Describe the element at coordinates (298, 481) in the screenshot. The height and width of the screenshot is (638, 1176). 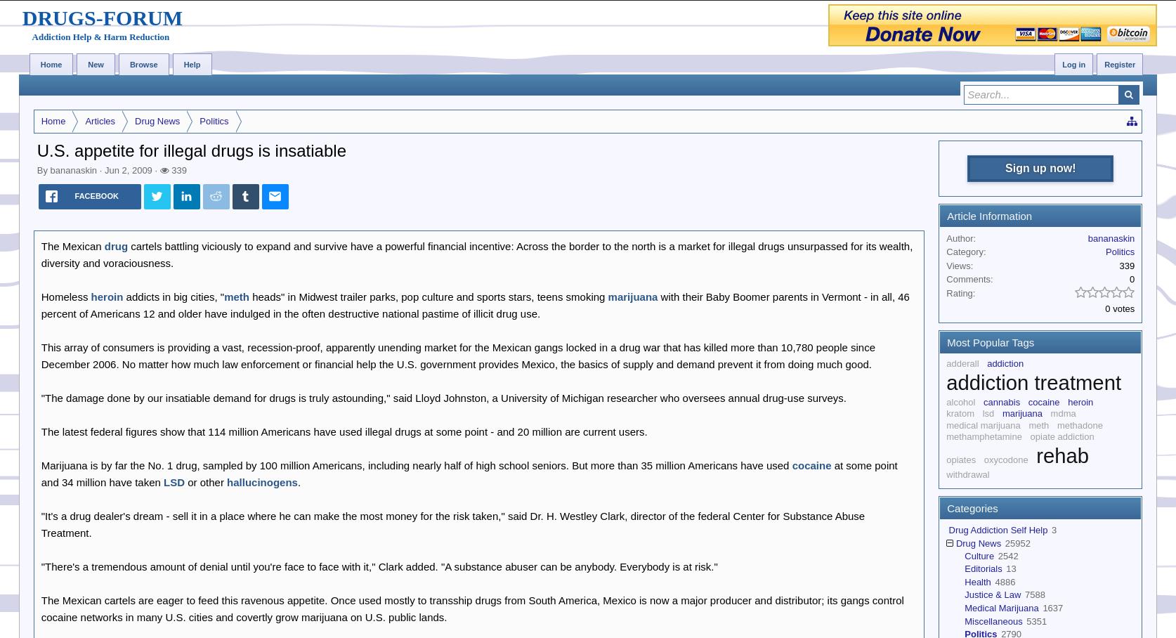
I see `'.'` at that location.